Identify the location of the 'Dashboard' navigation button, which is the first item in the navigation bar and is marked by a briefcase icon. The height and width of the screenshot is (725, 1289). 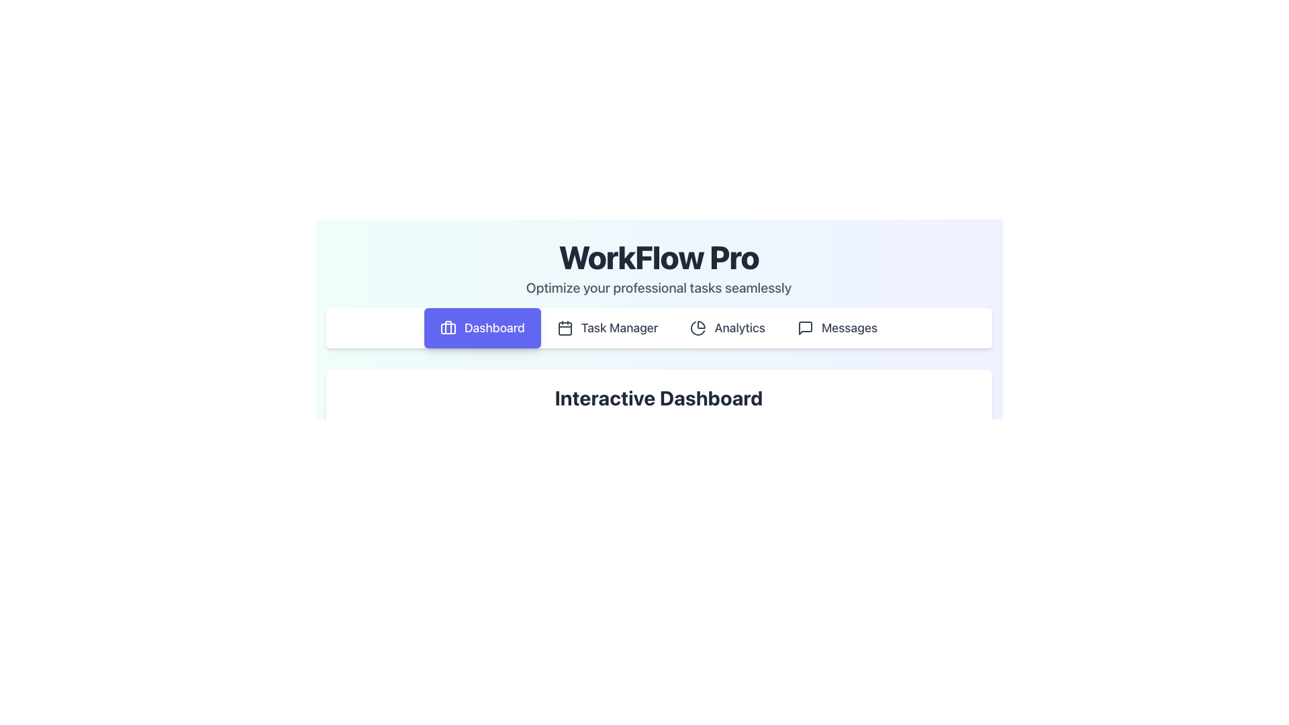
(482, 328).